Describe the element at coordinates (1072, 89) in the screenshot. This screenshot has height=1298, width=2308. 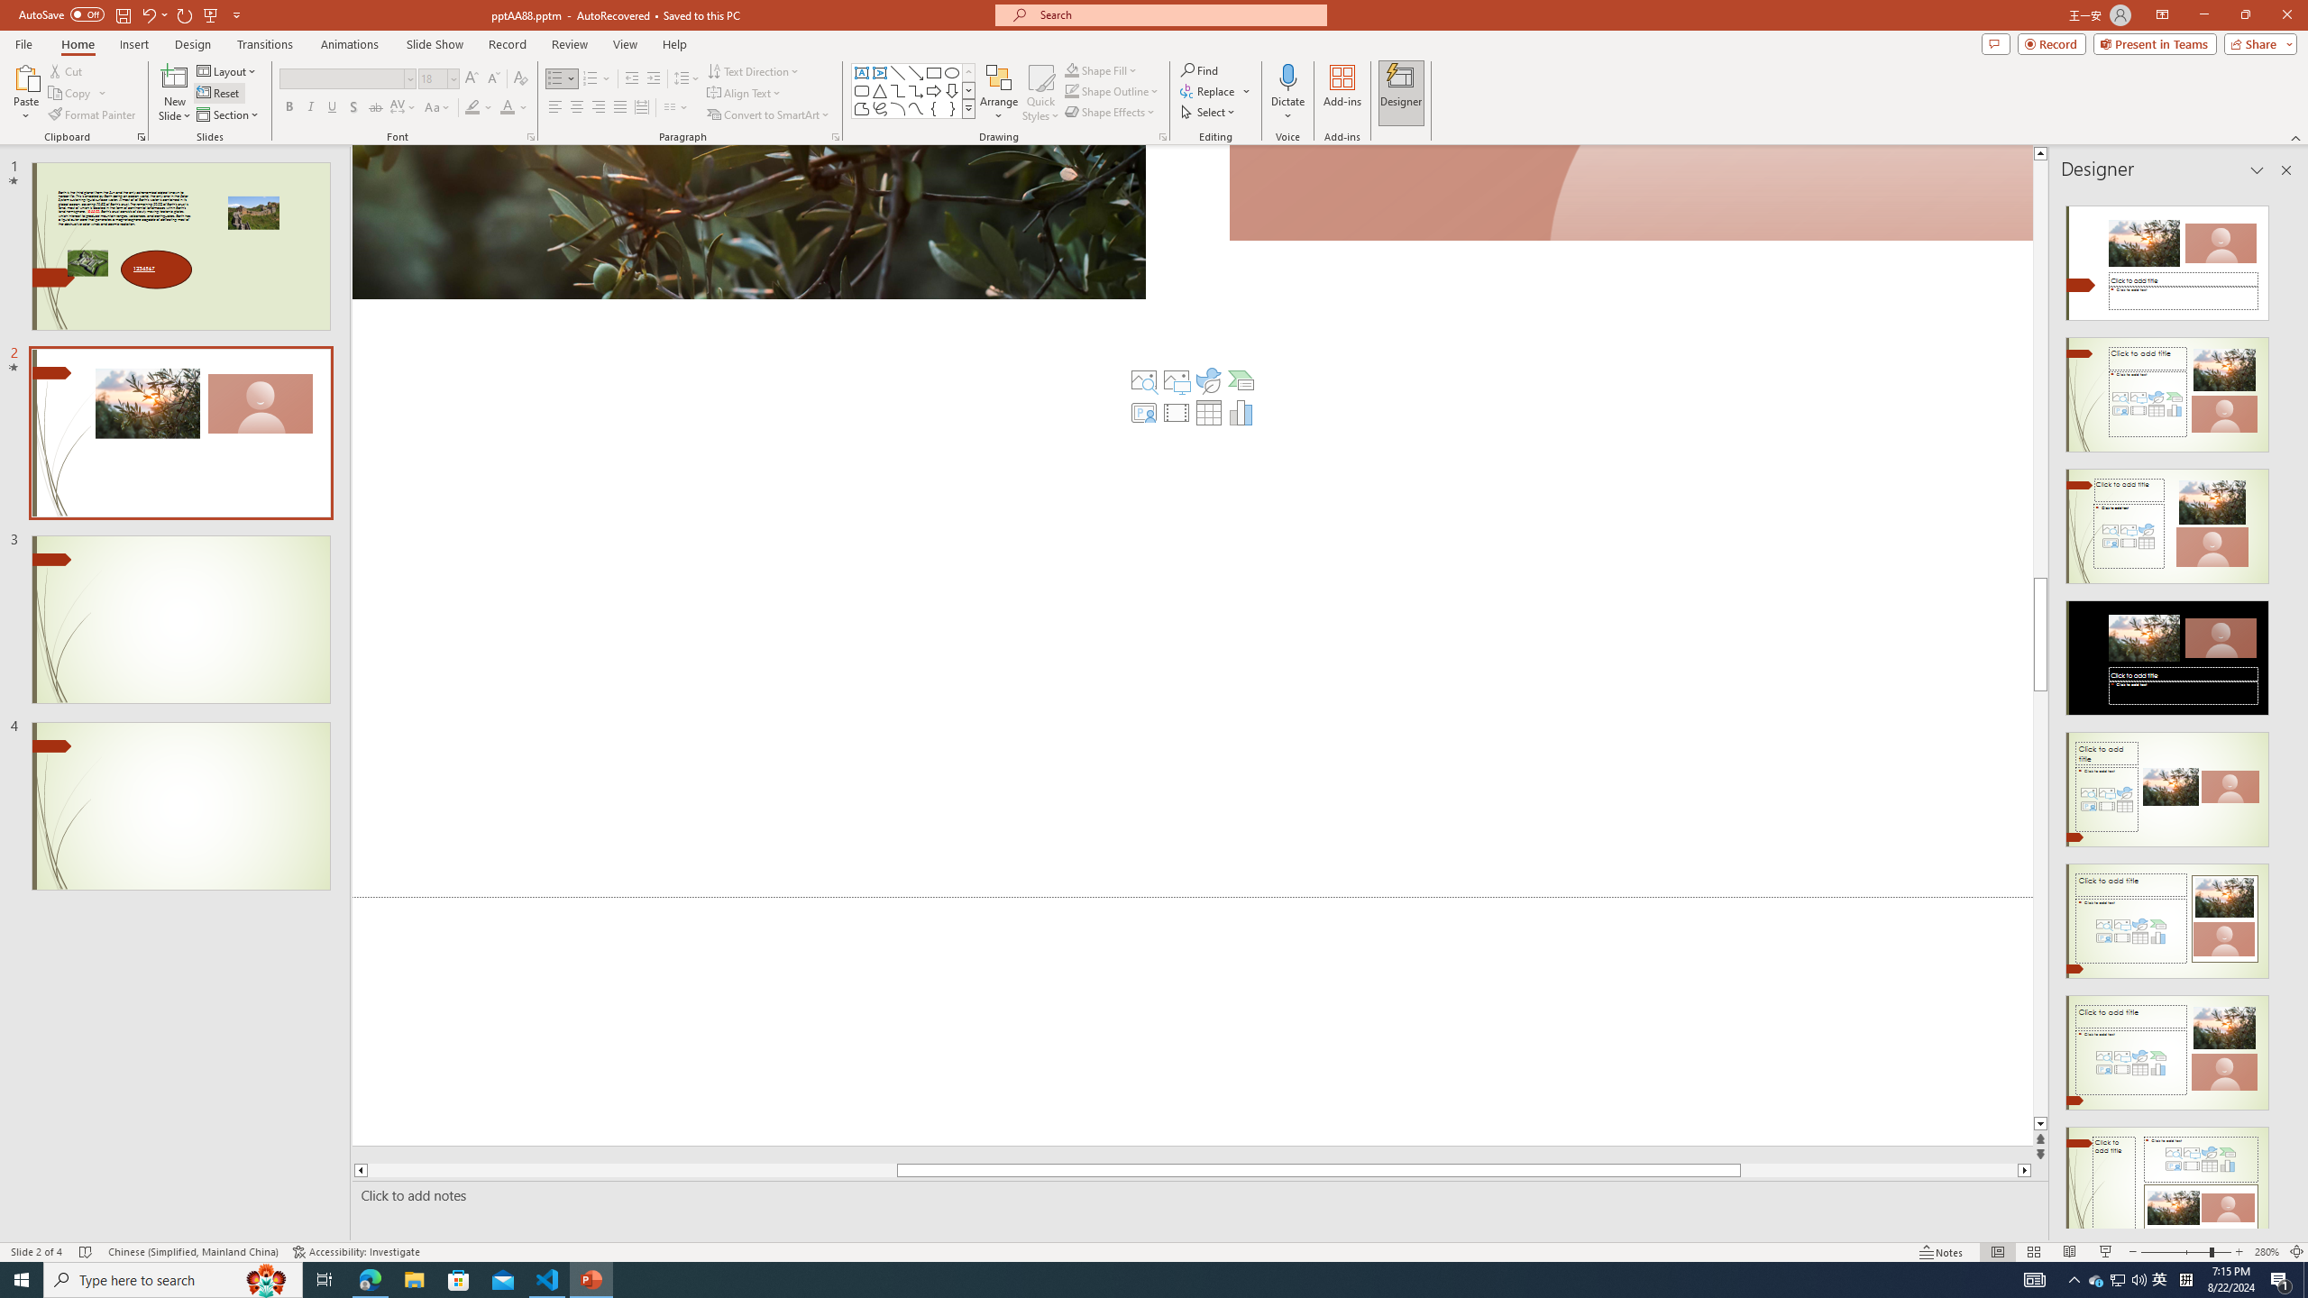
I see `'Shape Outline Teal, Accent 1'` at that location.